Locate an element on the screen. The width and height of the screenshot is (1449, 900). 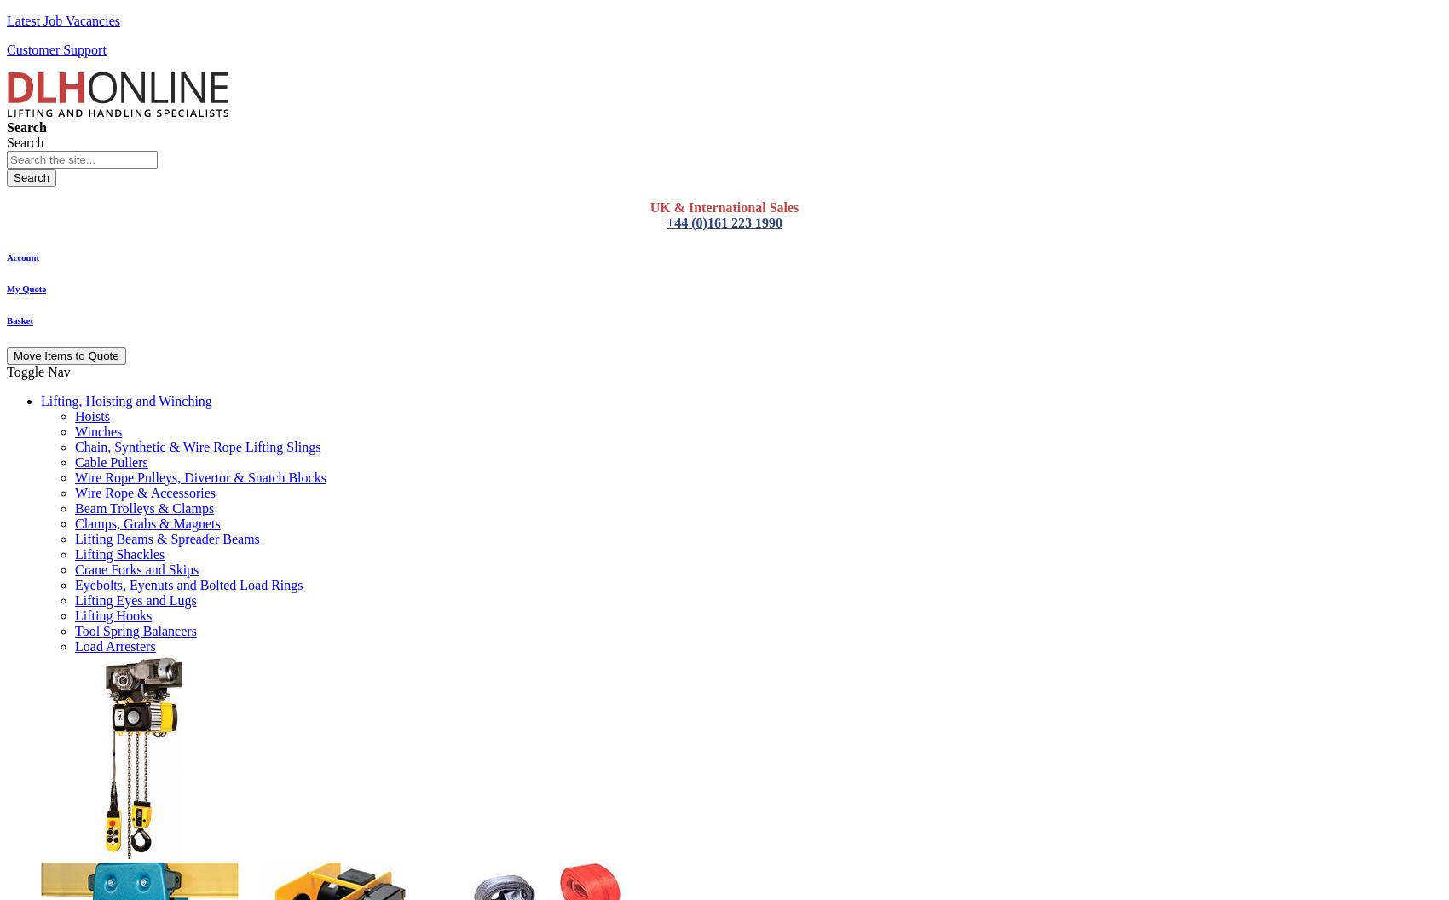
'Cable Pullers' is located at coordinates (110, 461).